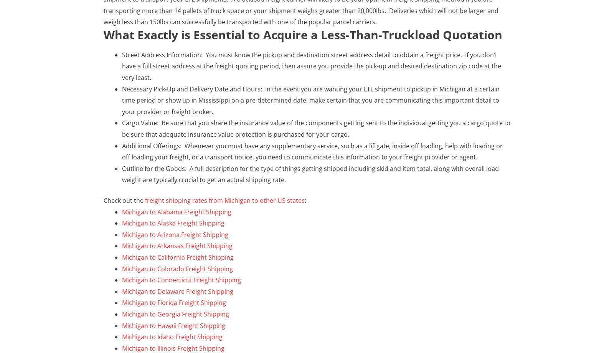  I want to click on ':', so click(305, 200).